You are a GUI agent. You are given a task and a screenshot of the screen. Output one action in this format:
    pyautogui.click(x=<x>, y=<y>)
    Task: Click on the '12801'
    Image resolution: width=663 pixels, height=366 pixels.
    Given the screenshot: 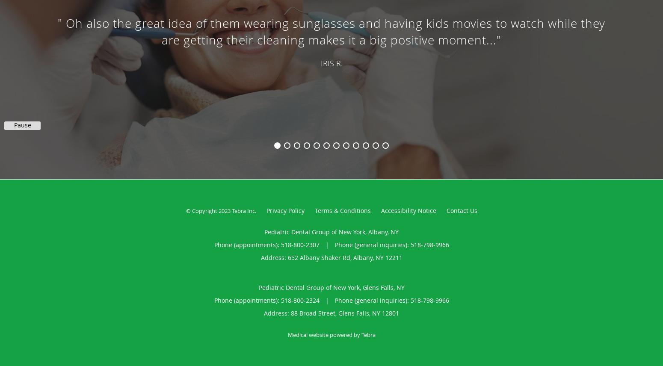 What is the action you would take?
    pyautogui.click(x=382, y=313)
    